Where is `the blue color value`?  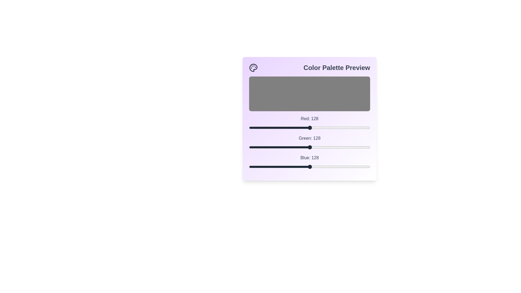 the blue color value is located at coordinates (329, 166).